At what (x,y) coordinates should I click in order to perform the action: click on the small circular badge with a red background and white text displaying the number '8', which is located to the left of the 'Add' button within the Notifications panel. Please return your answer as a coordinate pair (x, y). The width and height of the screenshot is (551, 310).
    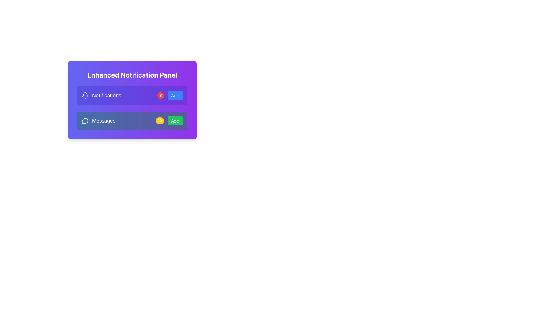
    Looking at the image, I should click on (160, 95).